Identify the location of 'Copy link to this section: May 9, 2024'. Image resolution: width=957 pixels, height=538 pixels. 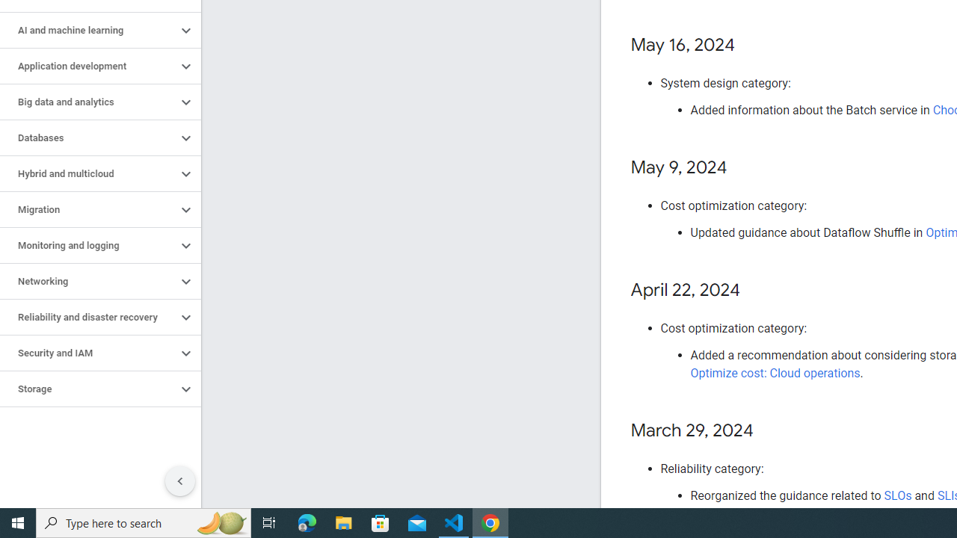
(742, 168).